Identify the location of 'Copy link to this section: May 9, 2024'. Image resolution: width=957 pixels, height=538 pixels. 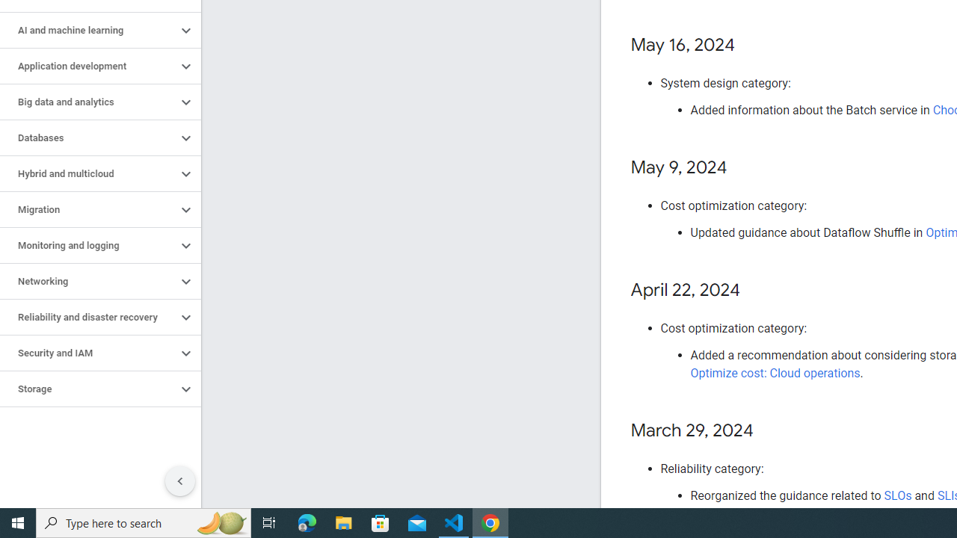
(742, 168).